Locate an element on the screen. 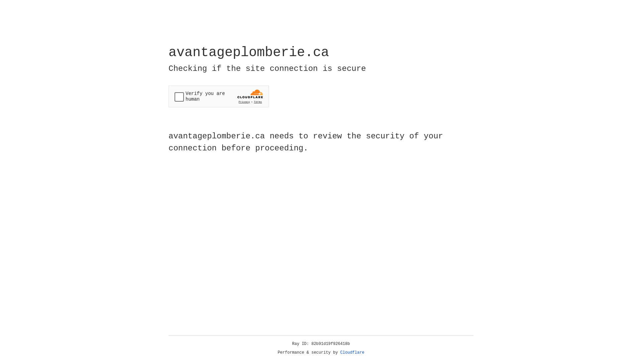  'Widget containing a Cloudflare security challenge' is located at coordinates (218, 96).